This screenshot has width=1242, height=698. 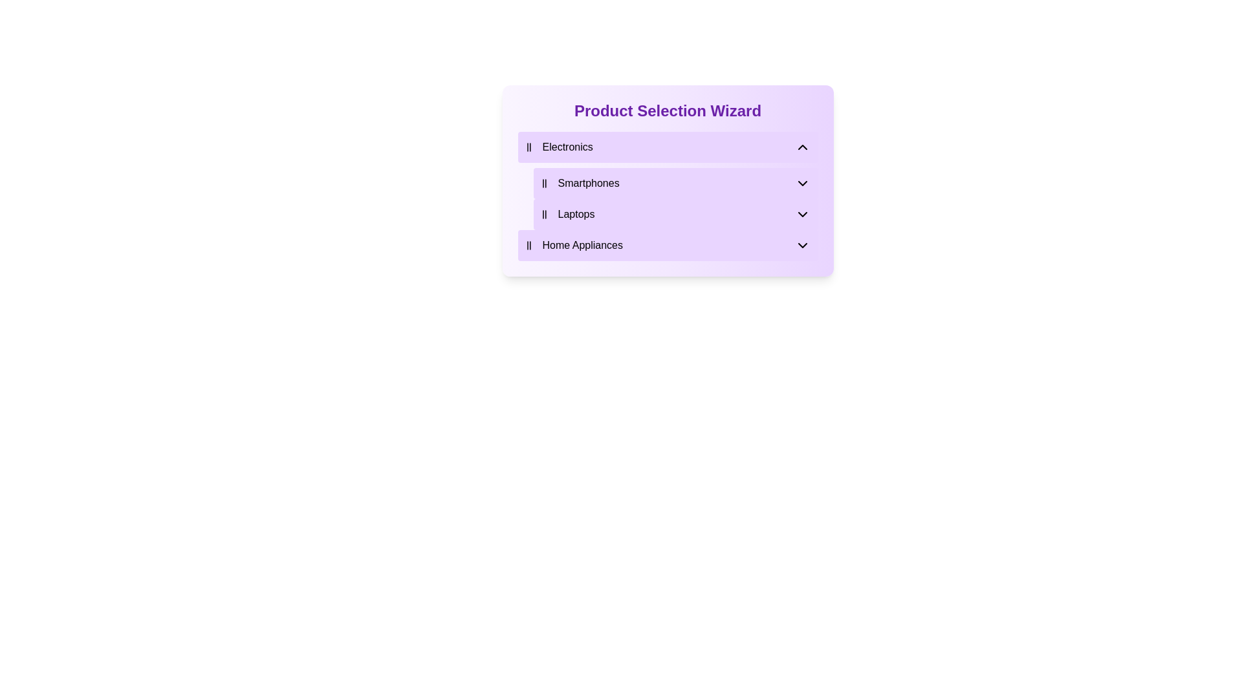 What do you see at coordinates (588, 184) in the screenshot?
I see `the 'Smartphones' label text, which is displayed in bold sans-serif font and is located in the second expandable category under the 'Electronics' section of the 'Product Selection Wizard'` at bounding box center [588, 184].